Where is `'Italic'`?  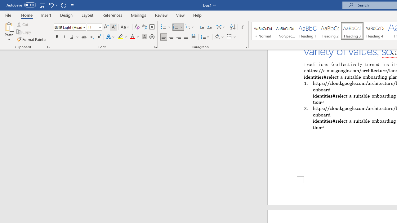
'Italic' is located at coordinates (65, 37).